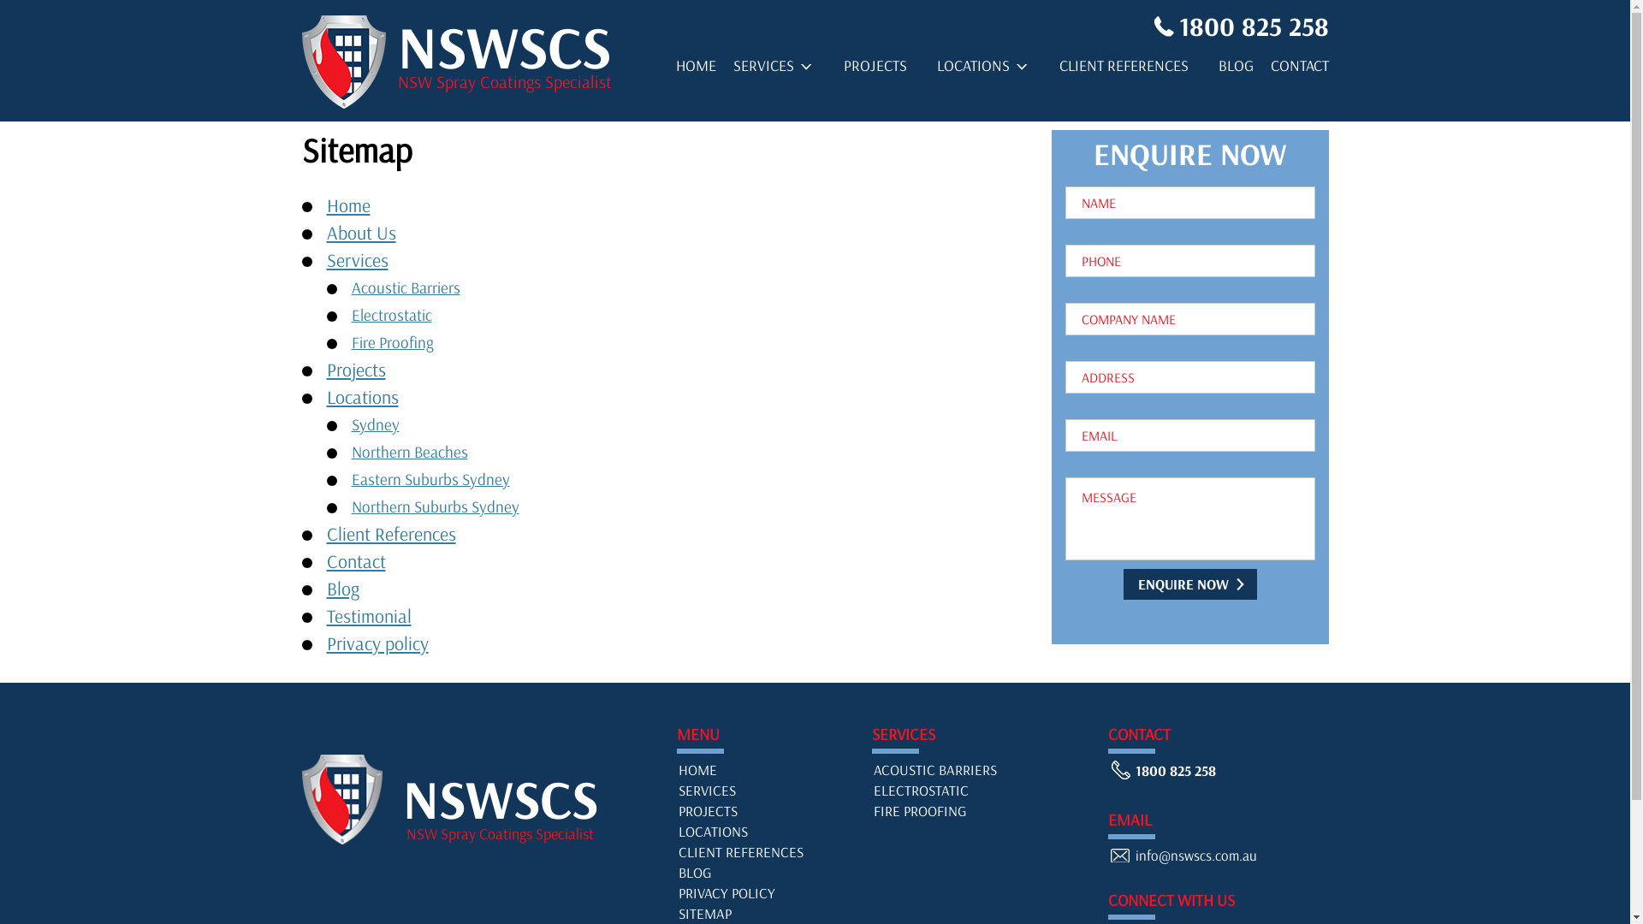  I want to click on 'Sydney', so click(383, 423).